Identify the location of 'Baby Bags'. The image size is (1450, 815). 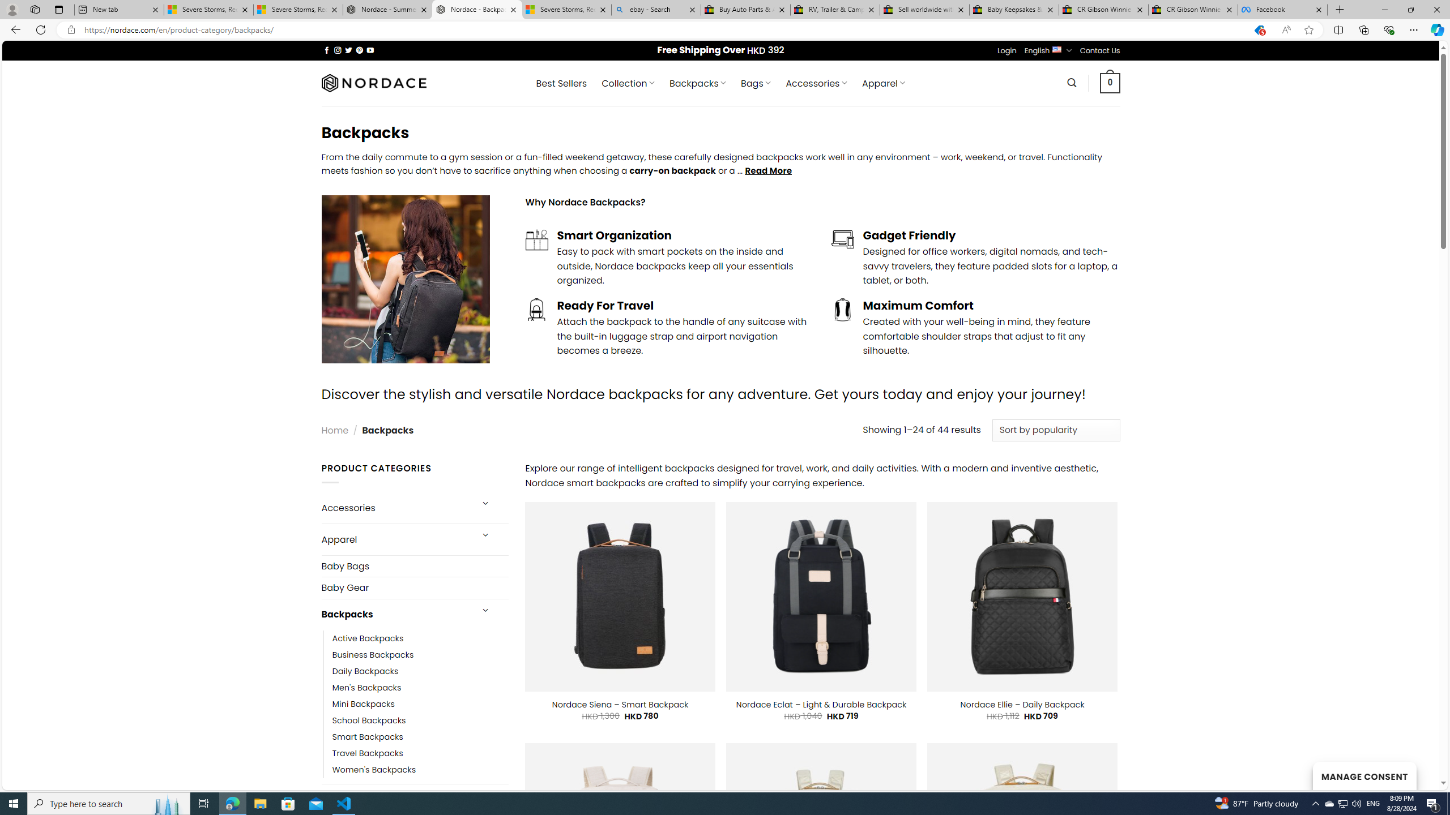
(414, 565).